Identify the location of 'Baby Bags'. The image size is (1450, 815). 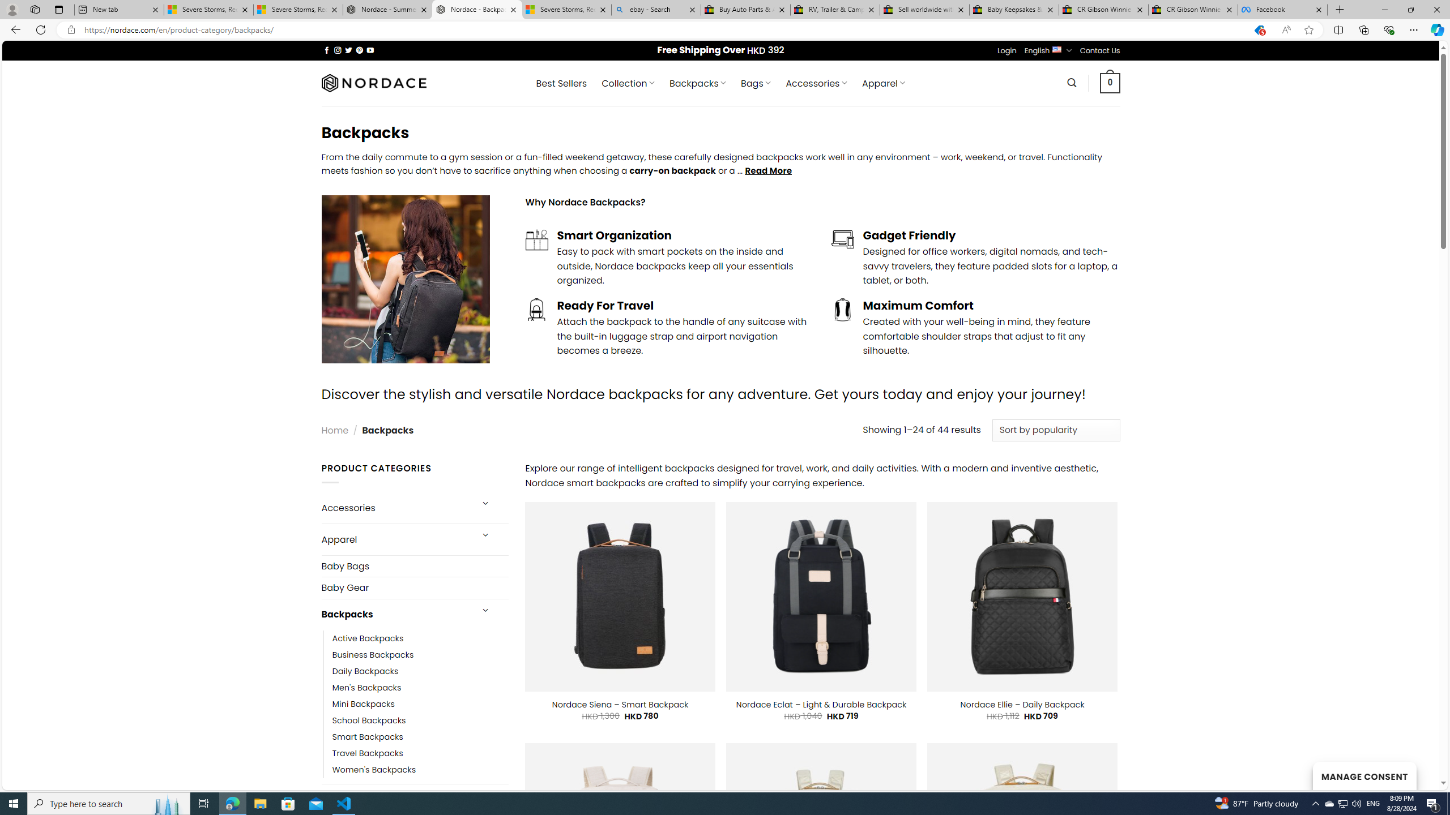
(414, 565).